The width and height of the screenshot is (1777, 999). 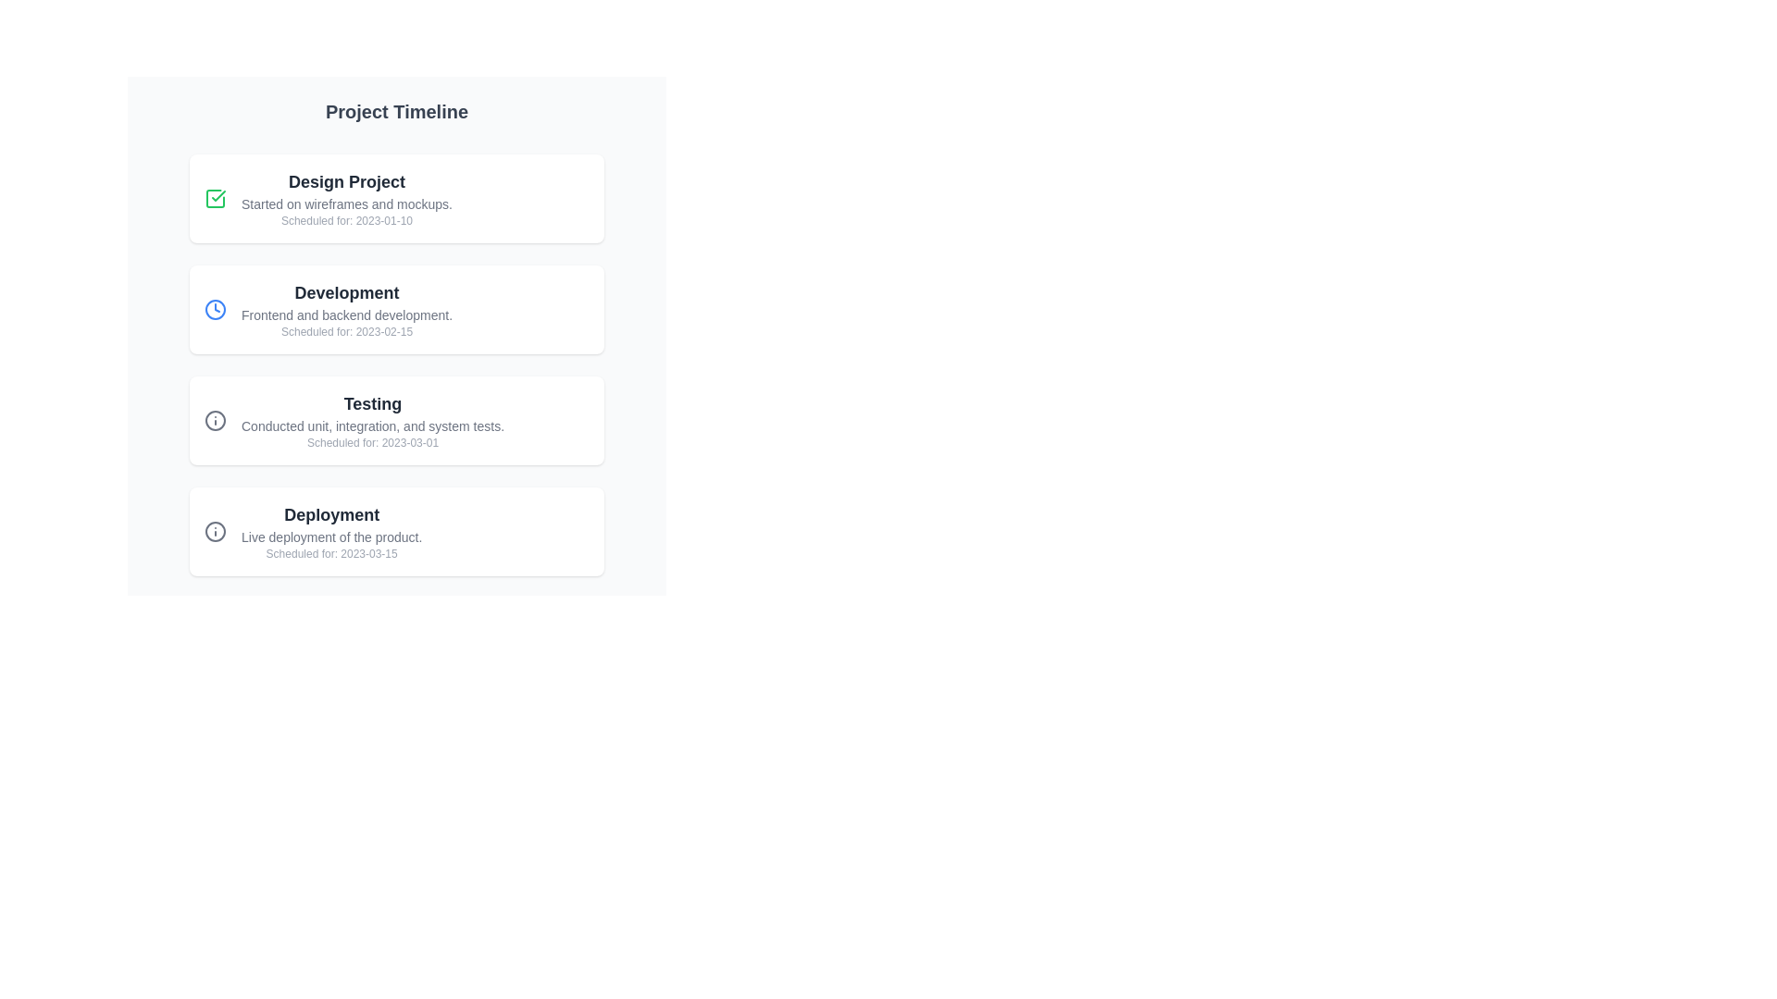 I want to click on the informative text located in the third item of the list under the header 'Project Timeline', specifically positioned below 'Testing' and above 'Scheduled for: 2023-03-01', so click(x=372, y=426).